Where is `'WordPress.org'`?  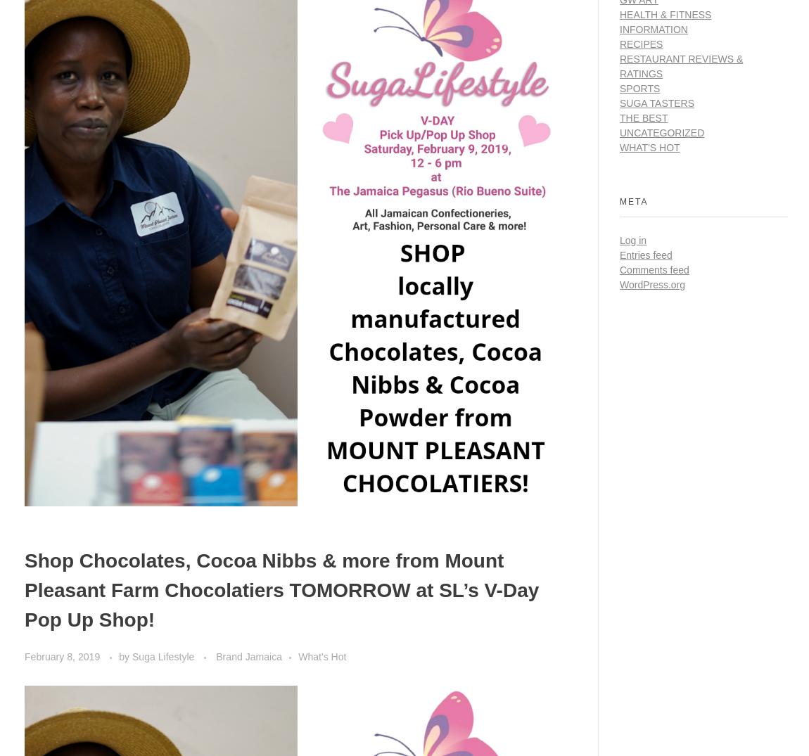 'WordPress.org' is located at coordinates (652, 283).